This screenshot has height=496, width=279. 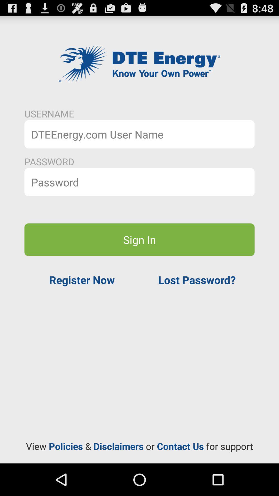 What do you see at coordinates (82, 280) in the screenshot?
I see `the item next to the lost password? app` at bounding box center [82, 280].